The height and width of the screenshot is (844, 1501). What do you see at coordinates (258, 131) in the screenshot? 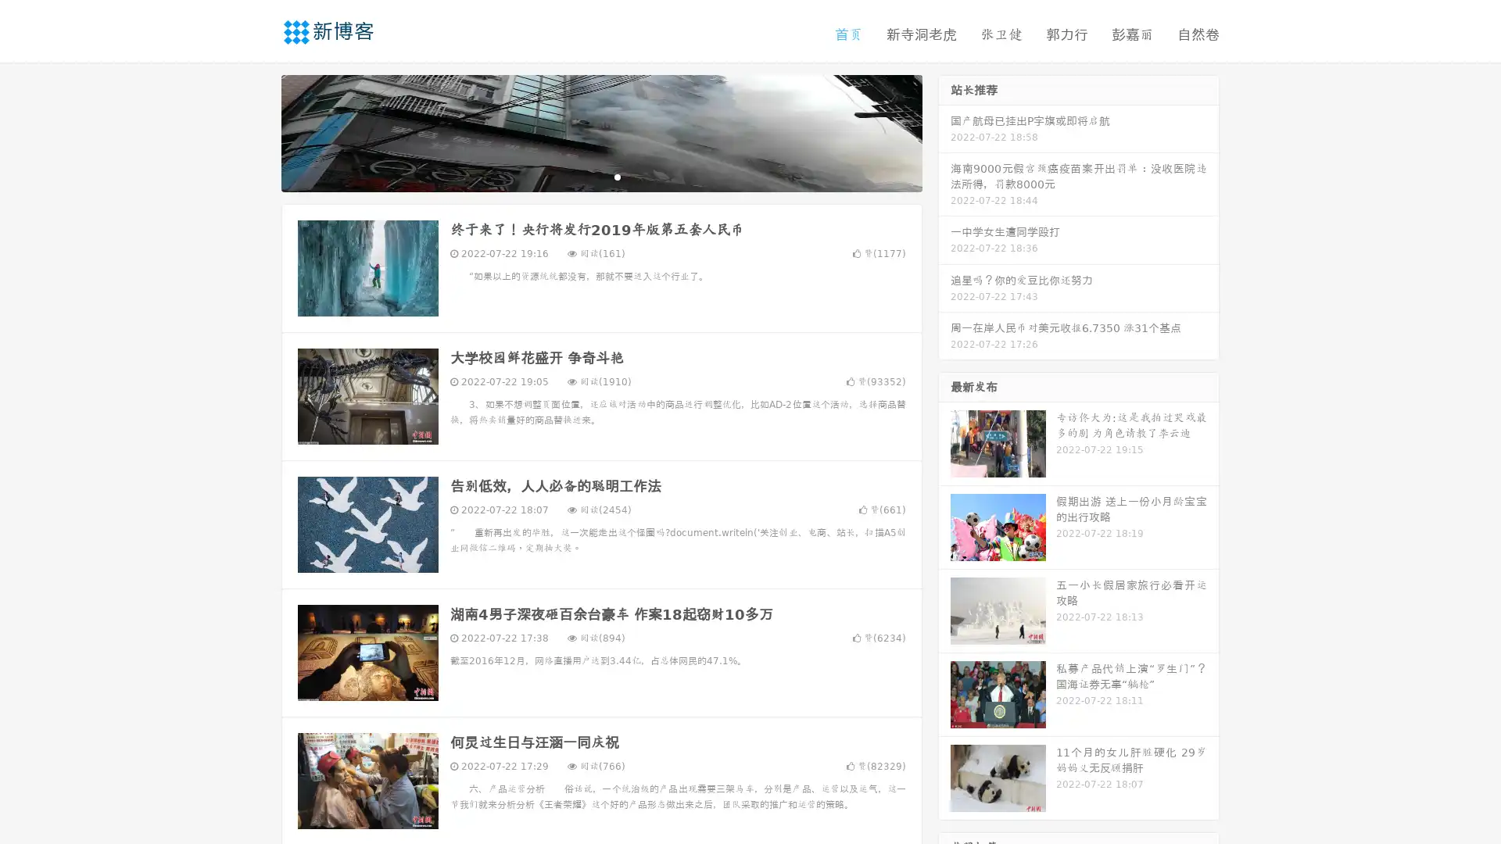
I see `Previous slide` at bounding box center [258, 131].